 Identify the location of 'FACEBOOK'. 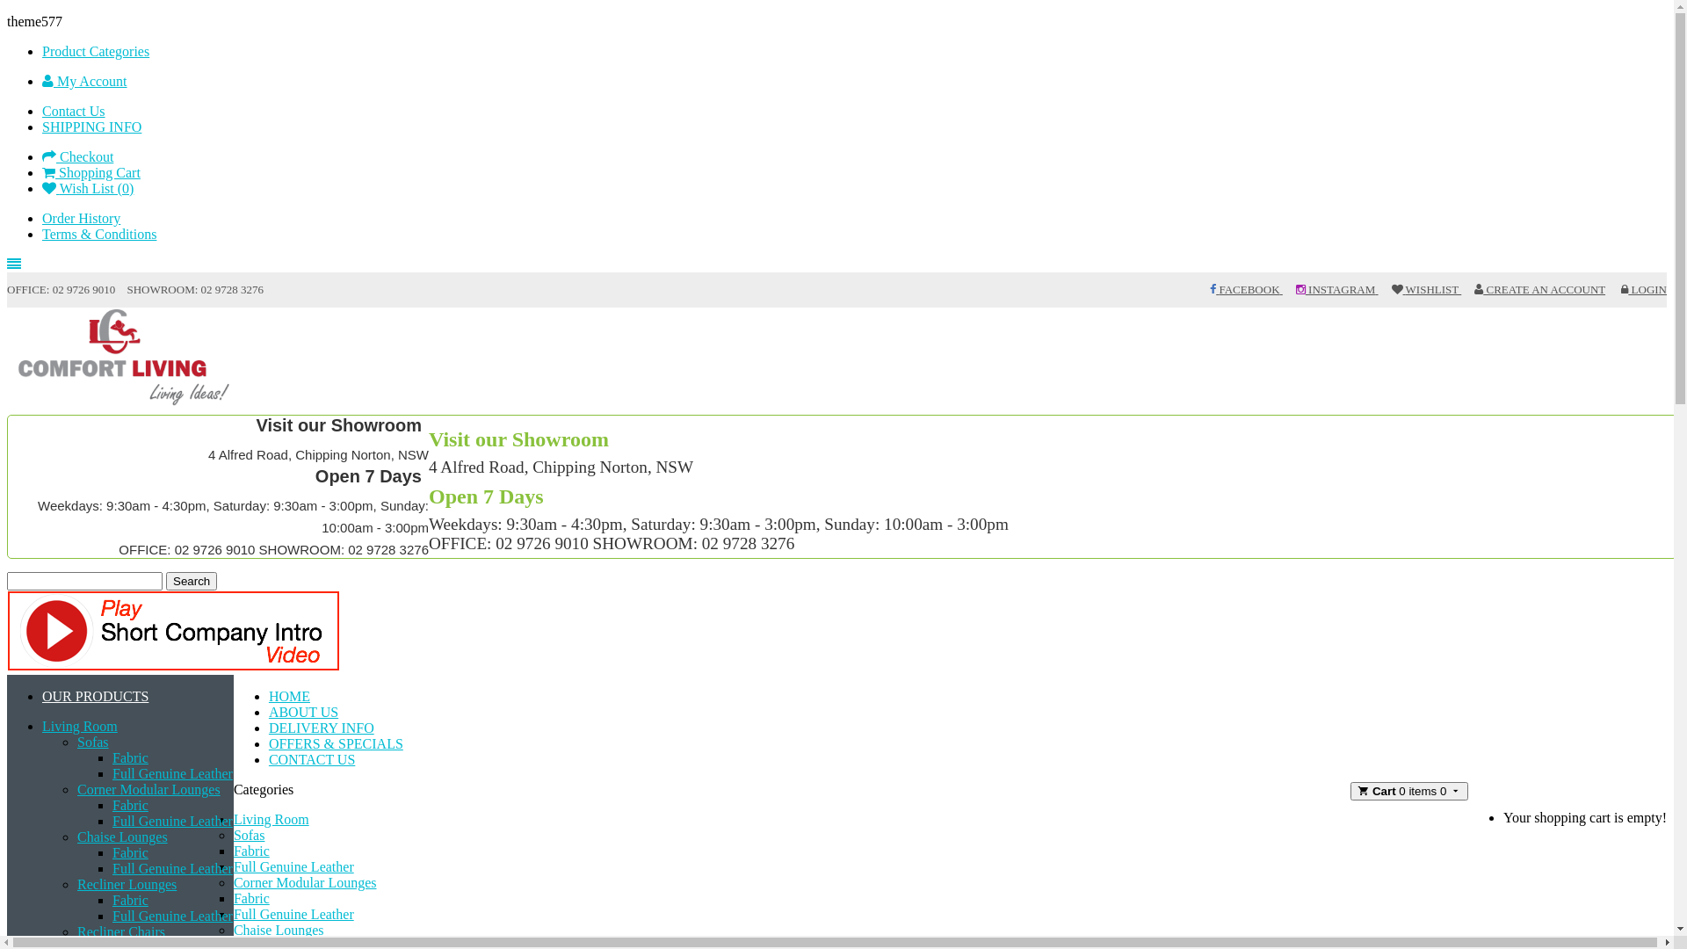
(1209, 288).